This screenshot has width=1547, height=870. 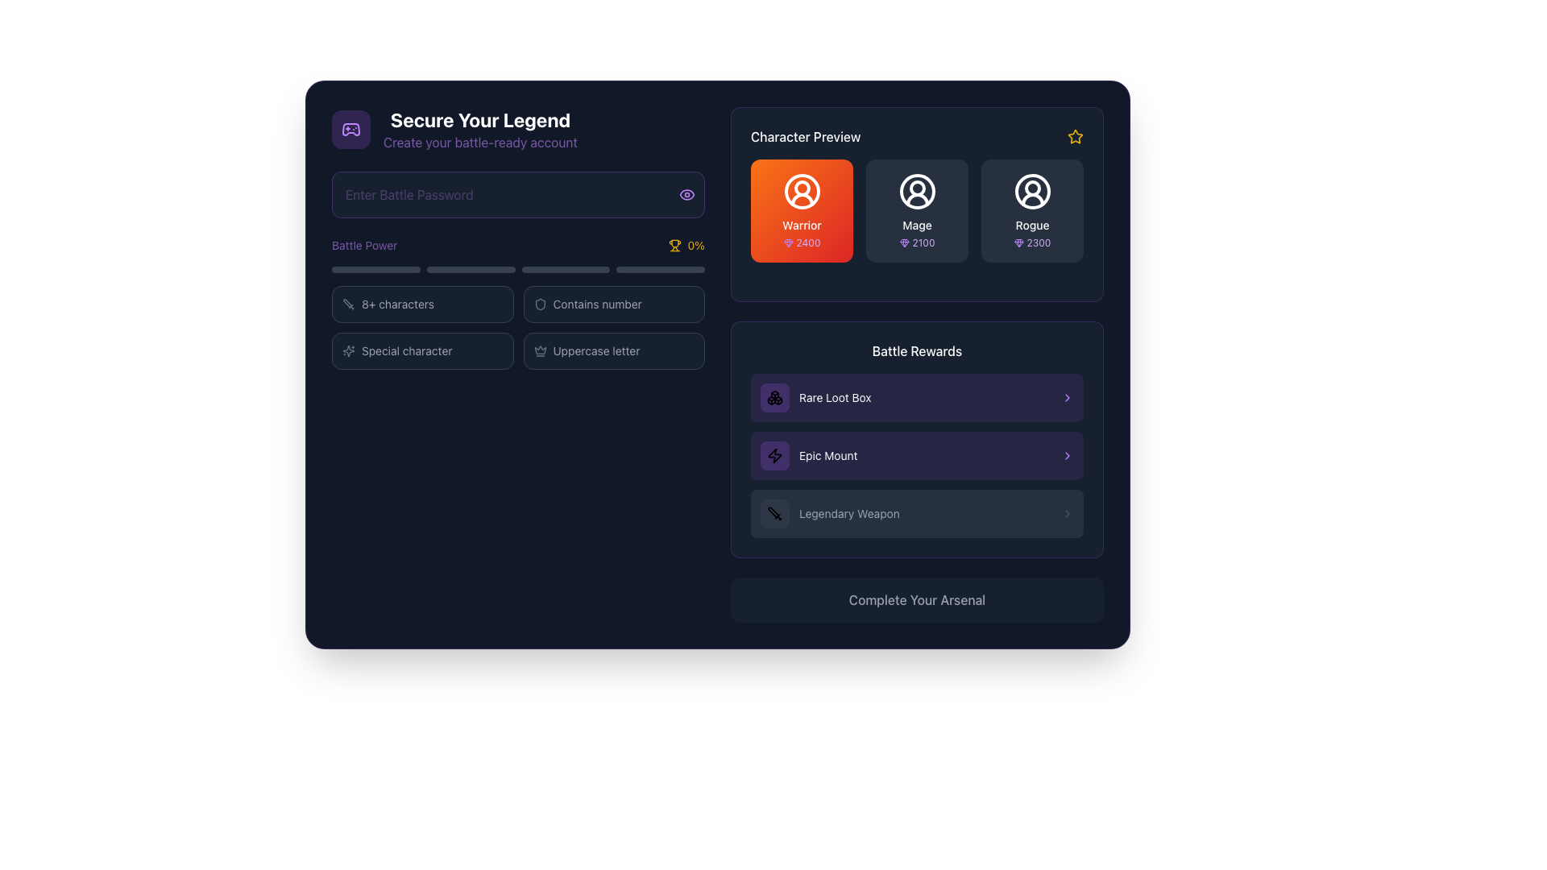 What do you see at coordinates (674, 245) in the screenshot?
I see `the trophy icon with a golden yellow hue that is located to the right of the 'Battle Power' text field and slightly above the '0%' text` at bounding box center [674, 245].